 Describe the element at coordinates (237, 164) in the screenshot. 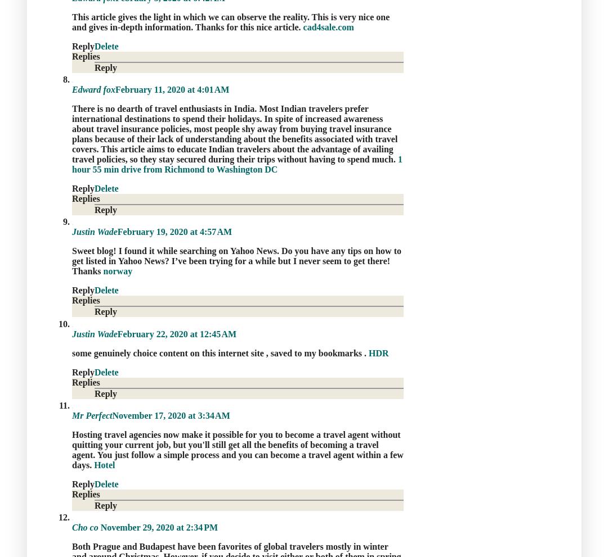

I see `'1 hour 55 min drive from Richmond to Washington DC'` at that location.